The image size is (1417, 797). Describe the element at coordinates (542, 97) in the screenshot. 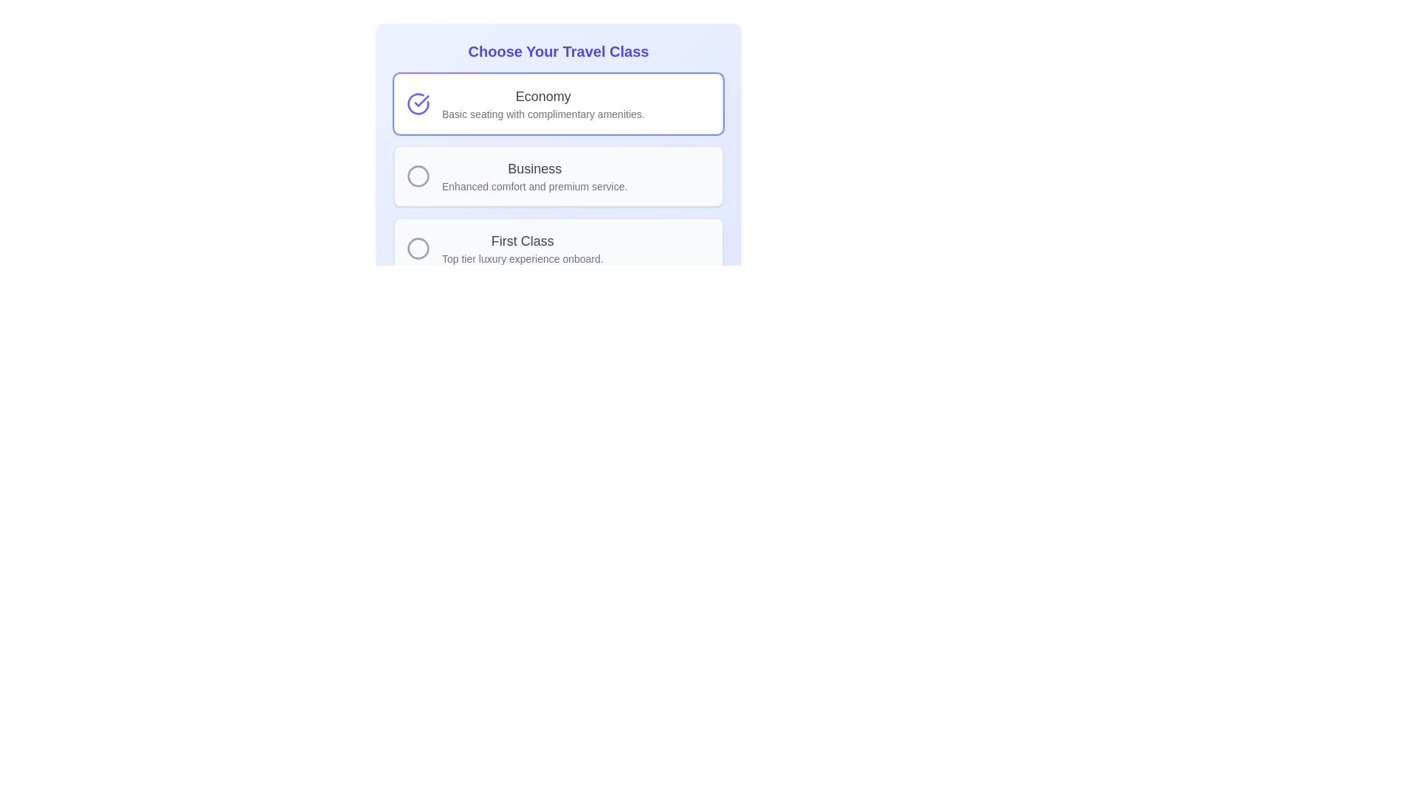

I see `the text label displaying 'Economy' in a bold, medium-sized sans-serif font, located in the first option group of a travel class selection interface, which is directly above the text 'Basic seating with complimentary amenities.'` at that location.